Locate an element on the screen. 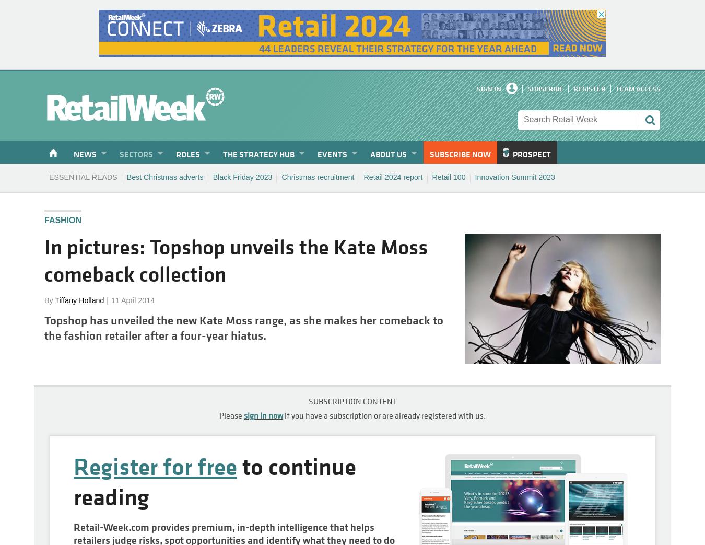 This screenshot has height=545, width=705. 'sign in now' is located at coordinates (263, 414).